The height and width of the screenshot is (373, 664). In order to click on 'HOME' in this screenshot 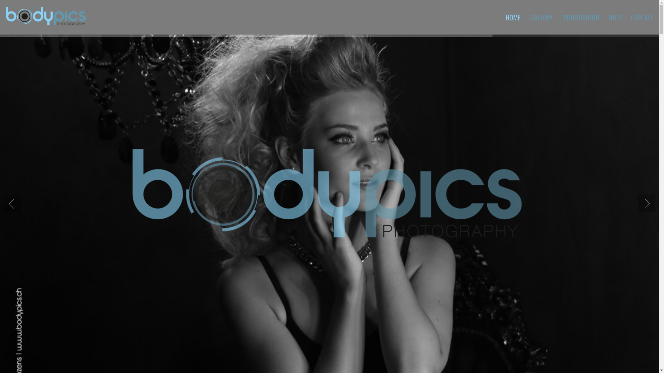, I will do `click(513, 17)`.